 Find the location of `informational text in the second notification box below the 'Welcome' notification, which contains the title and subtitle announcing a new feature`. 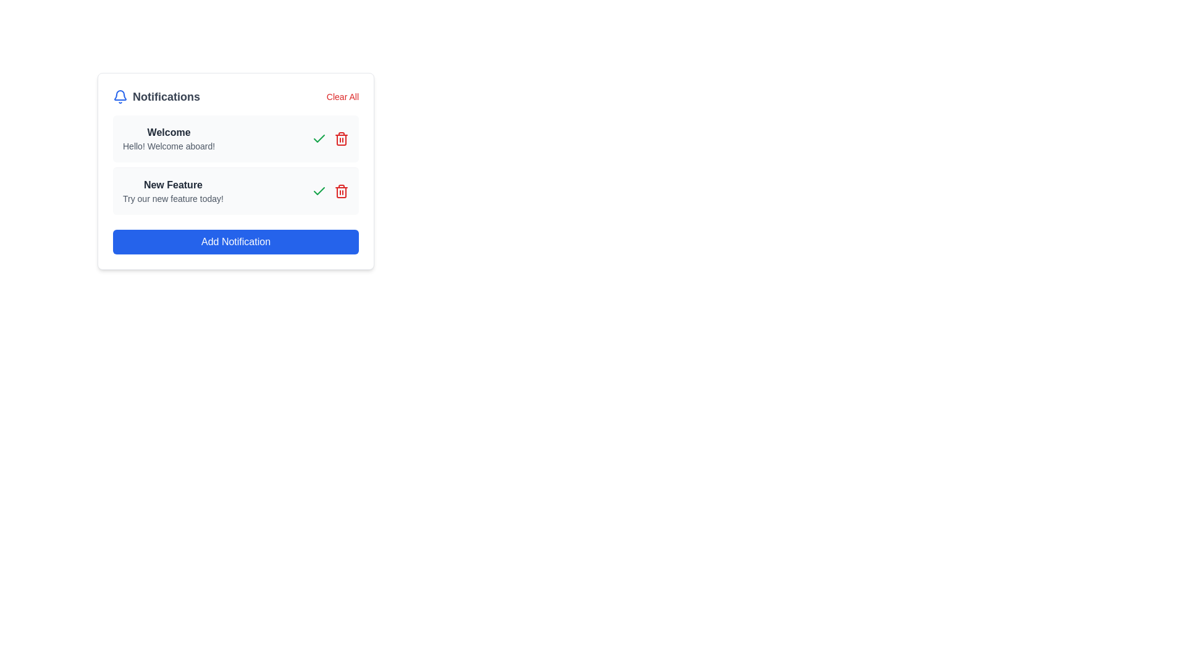

informational text in the second notification box below the 'Welcome' notification, which contains the title and subtitle announcing a new feature is located at coordinates (172, 191).